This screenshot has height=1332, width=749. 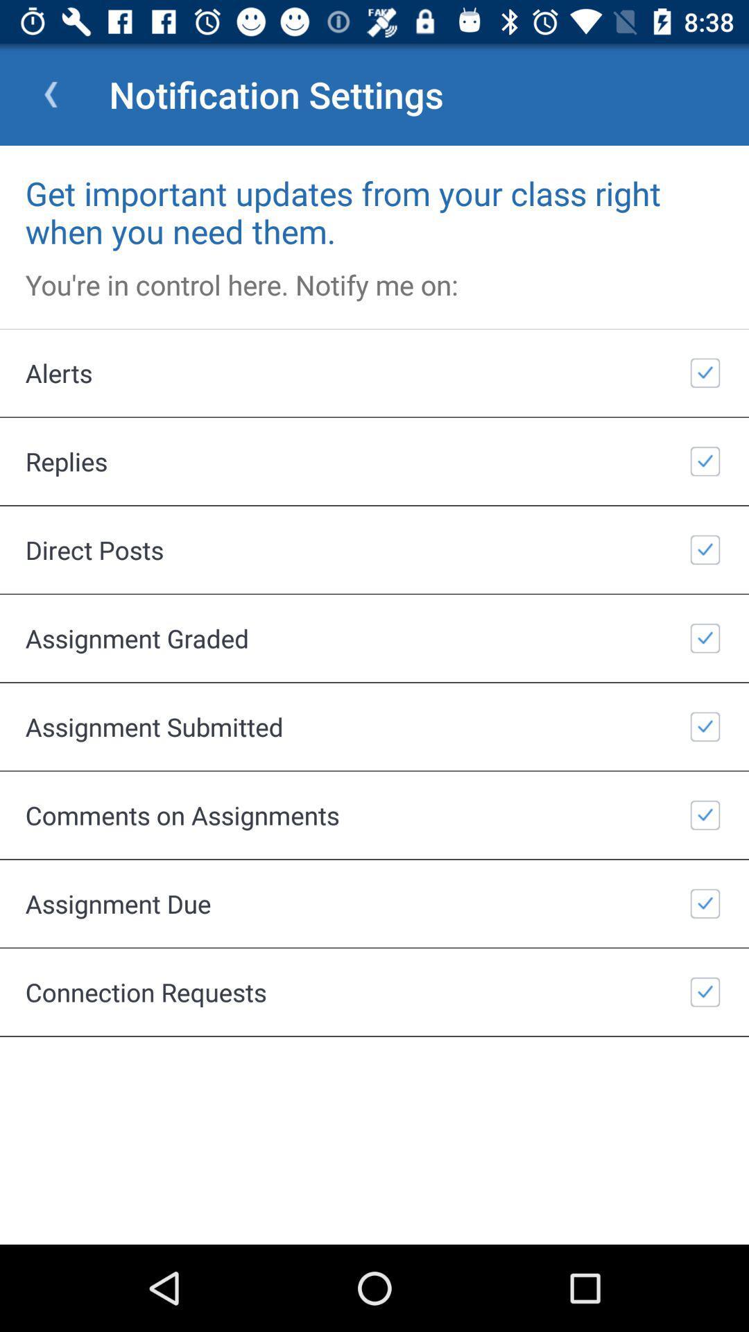 I want to click on the item below the direct posts icon, so click(x=374, y=638).